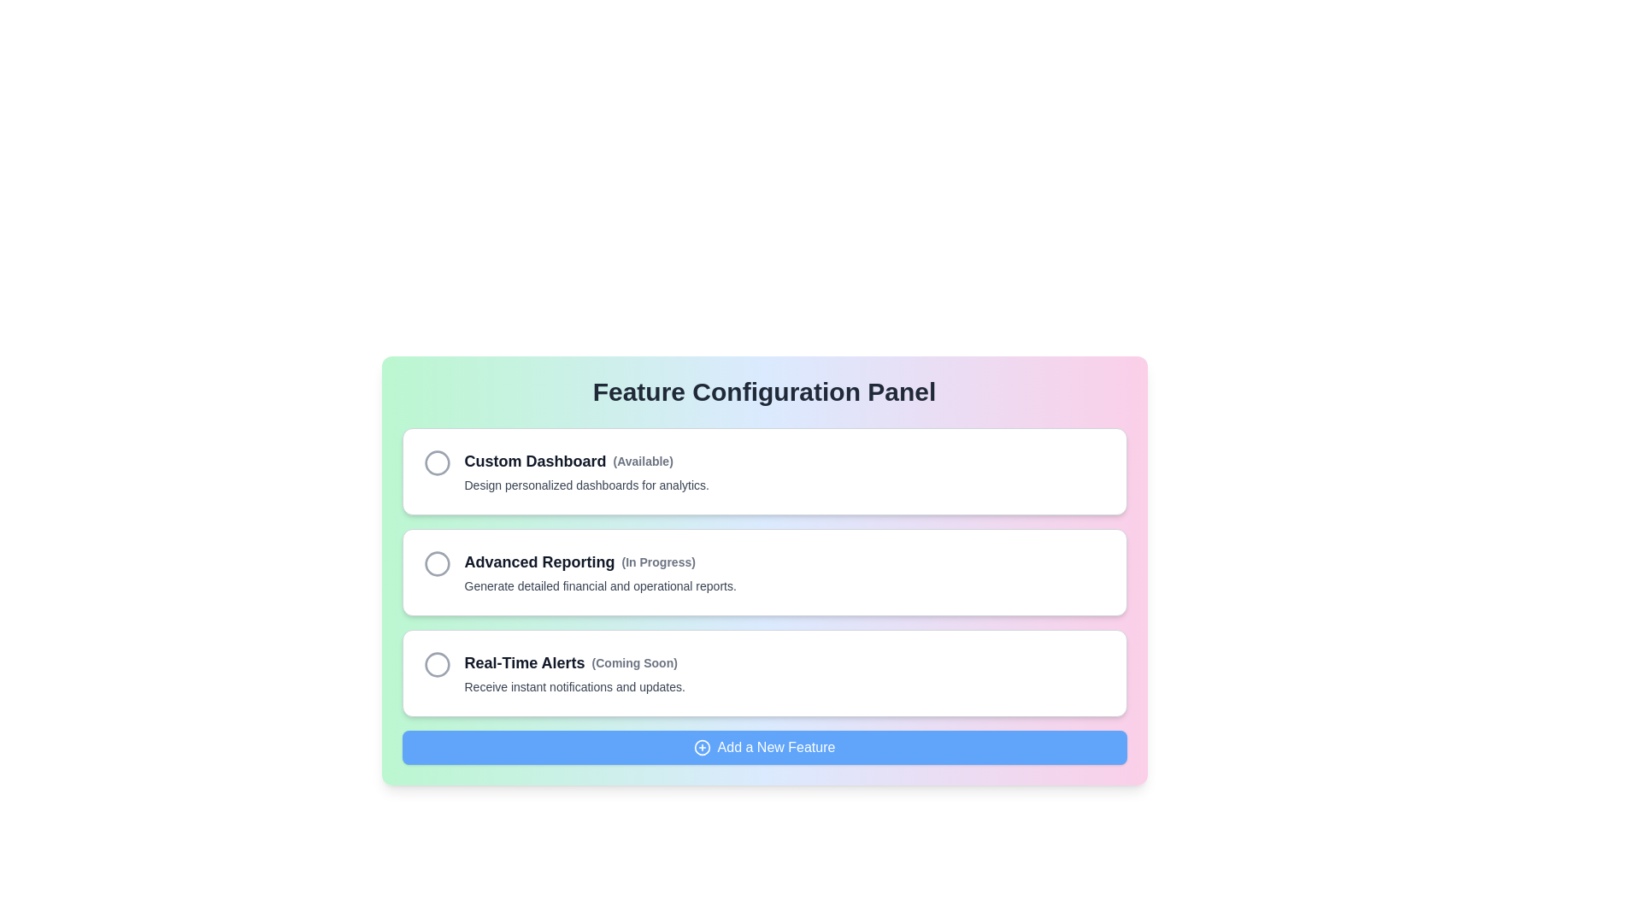 The height and width of the screenshot is (923, 1641). I want to click on the circular radio button, so click(763, 573).